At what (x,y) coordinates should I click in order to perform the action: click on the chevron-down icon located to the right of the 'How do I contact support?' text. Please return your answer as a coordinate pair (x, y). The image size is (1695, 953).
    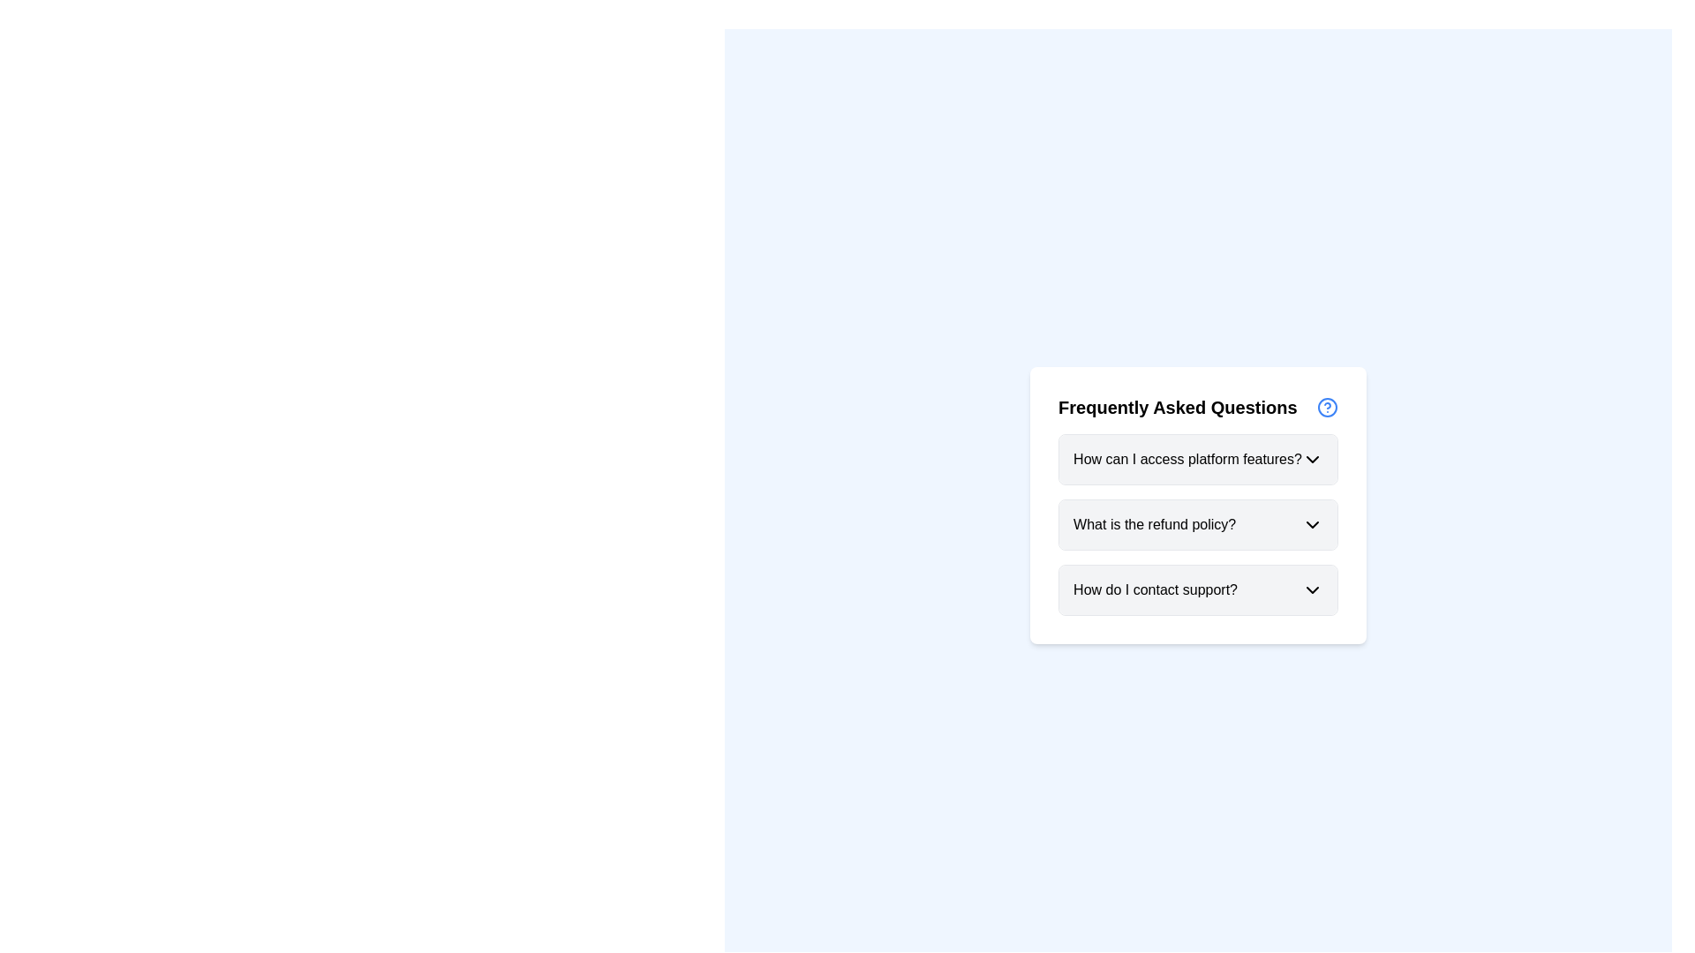
    Looking at the image, I should click on (1312, 589).